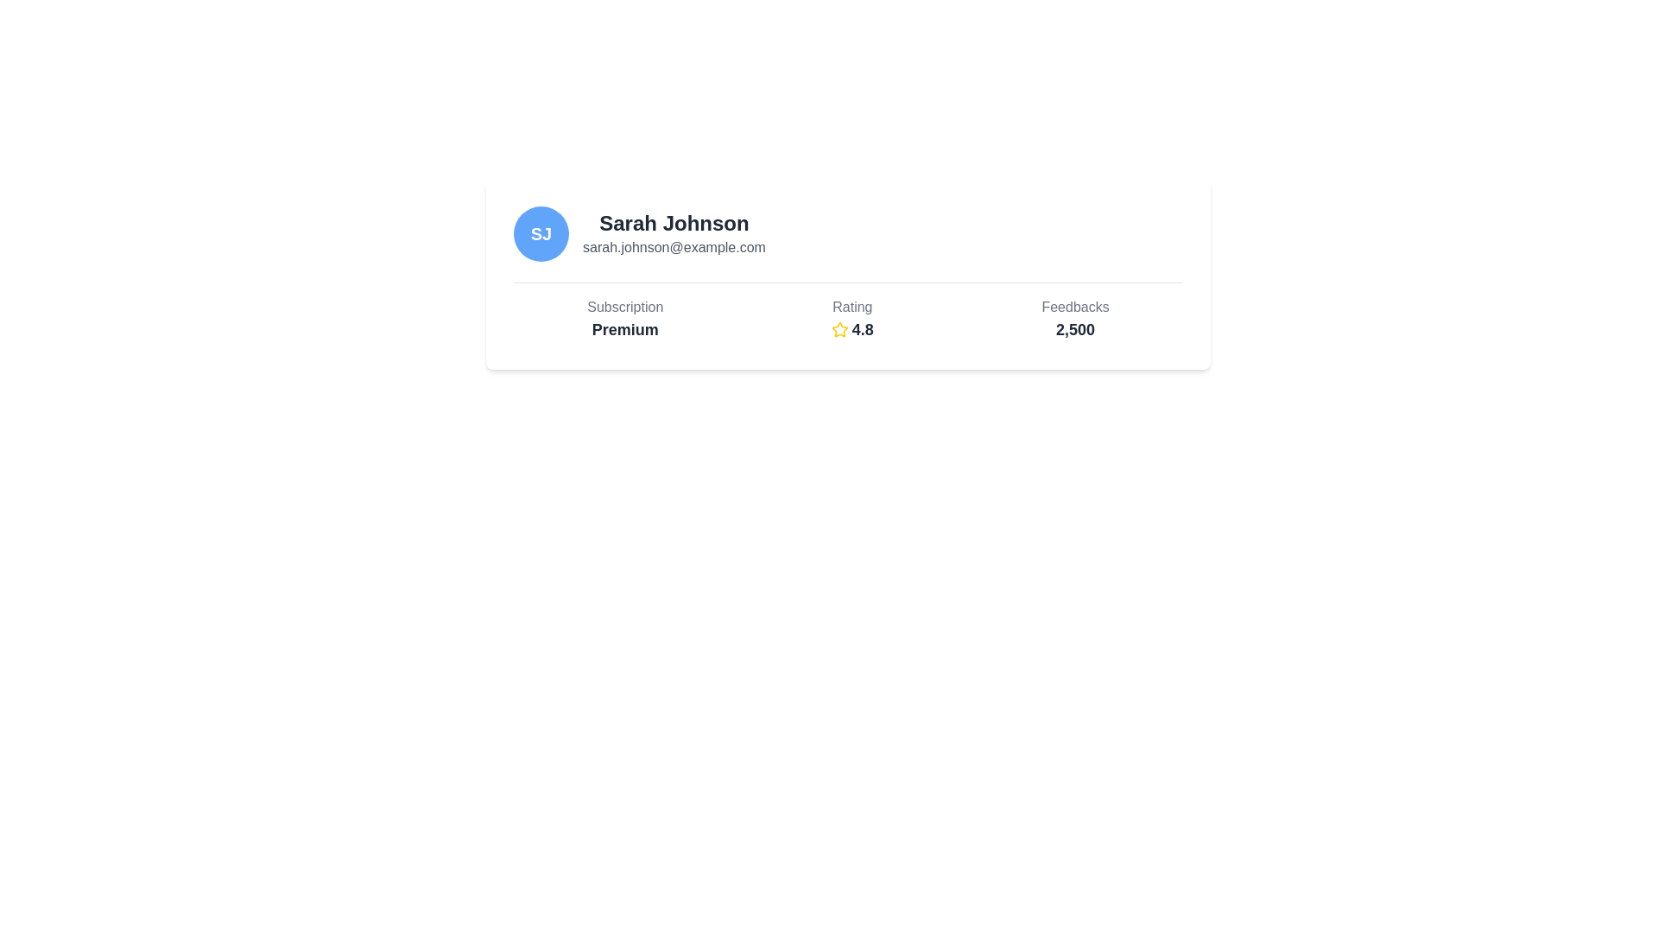 The height and width of the screenshot is (933, 1658). Describe the element at coordinates (1074, 329) in the screenshot. I see `the numeric display reading '2,500' styled in bold dark gray font, located beneath the label 'Feedbacks' in the bottom-right portion of a card layout` at that location.